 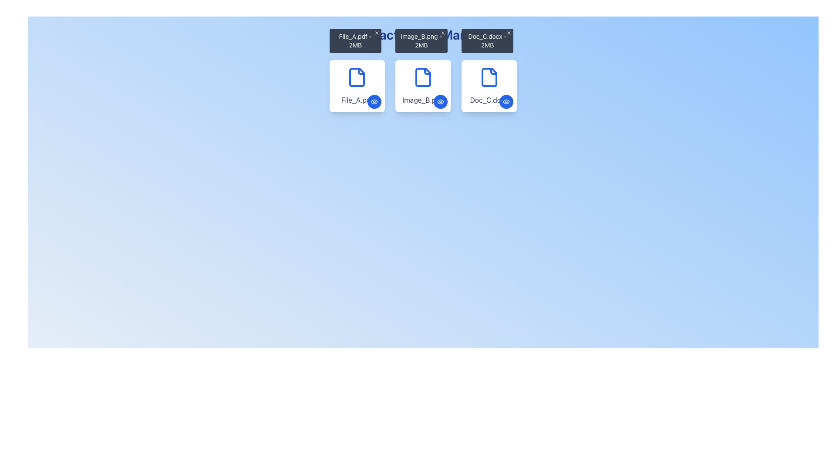 What do you see at coordinates (506, 101) in the screenshot?
I see `the floating circular button with a blue background and white eye icon located at the bottom-right corner of the card displaying the document titled 'Doc_C.docx - 2MB'` at bounding box center [506, 101].